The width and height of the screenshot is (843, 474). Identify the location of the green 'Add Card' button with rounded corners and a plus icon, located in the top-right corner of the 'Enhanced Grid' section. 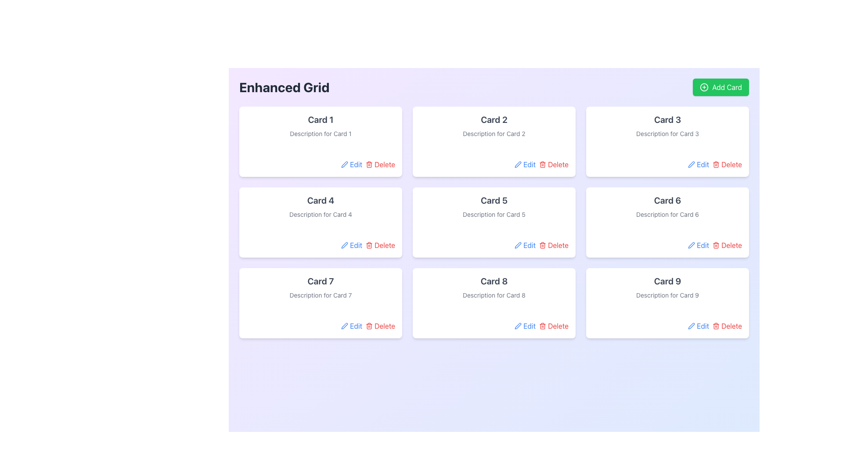
(721, 87).